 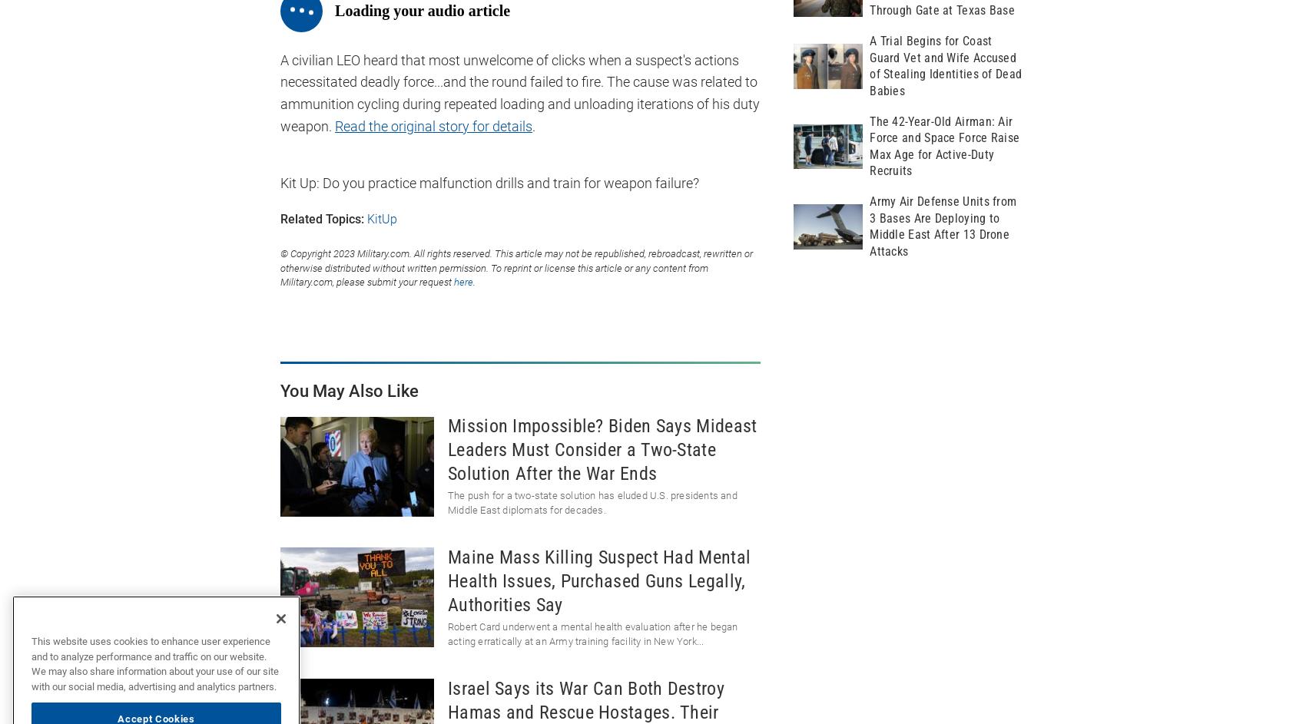 What do you see at coordinates (592, 633) in the screenshot?
I see `'Robert Card underwent a mental health evaluation after he began acting erratically at an Army training facility in New York...'` at bounding box center [592, 633].